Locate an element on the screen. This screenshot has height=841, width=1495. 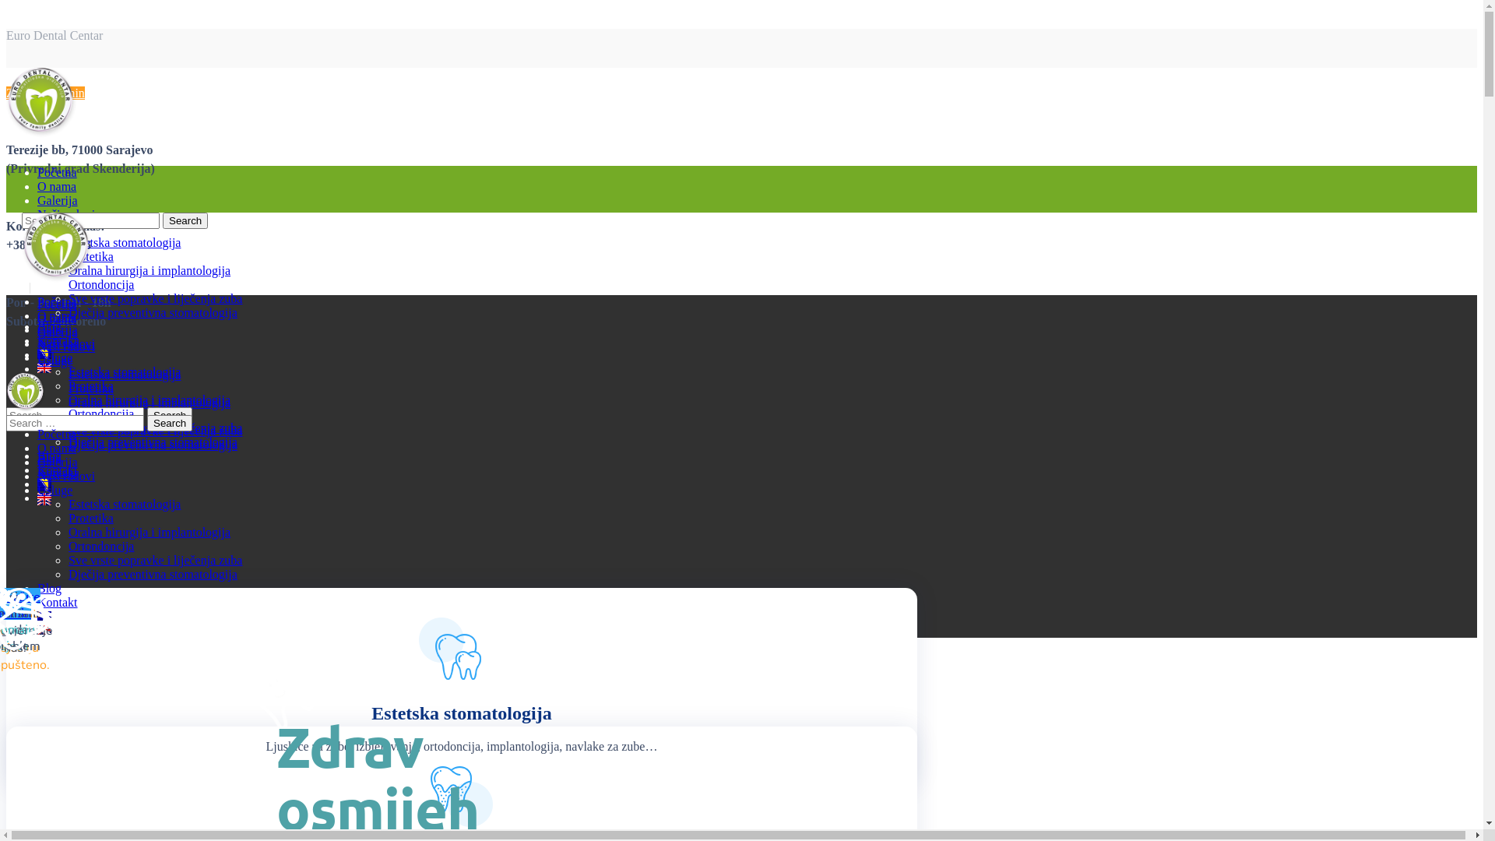
'Oralna hirurgija i implantologija' is located at coordinates (67, 269).